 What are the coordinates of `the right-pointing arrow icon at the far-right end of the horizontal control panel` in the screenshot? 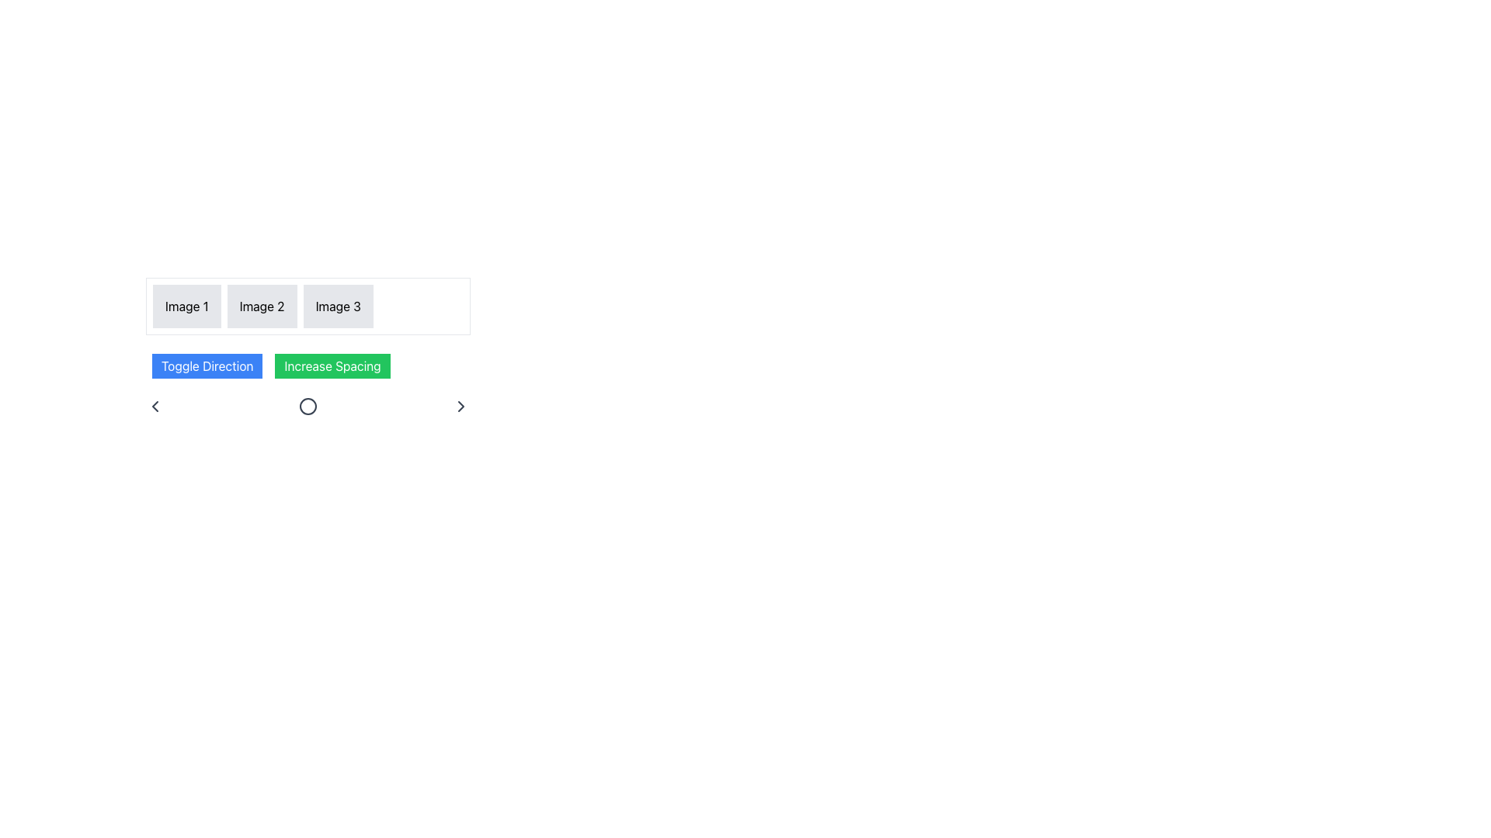 It's located at (461, 406).